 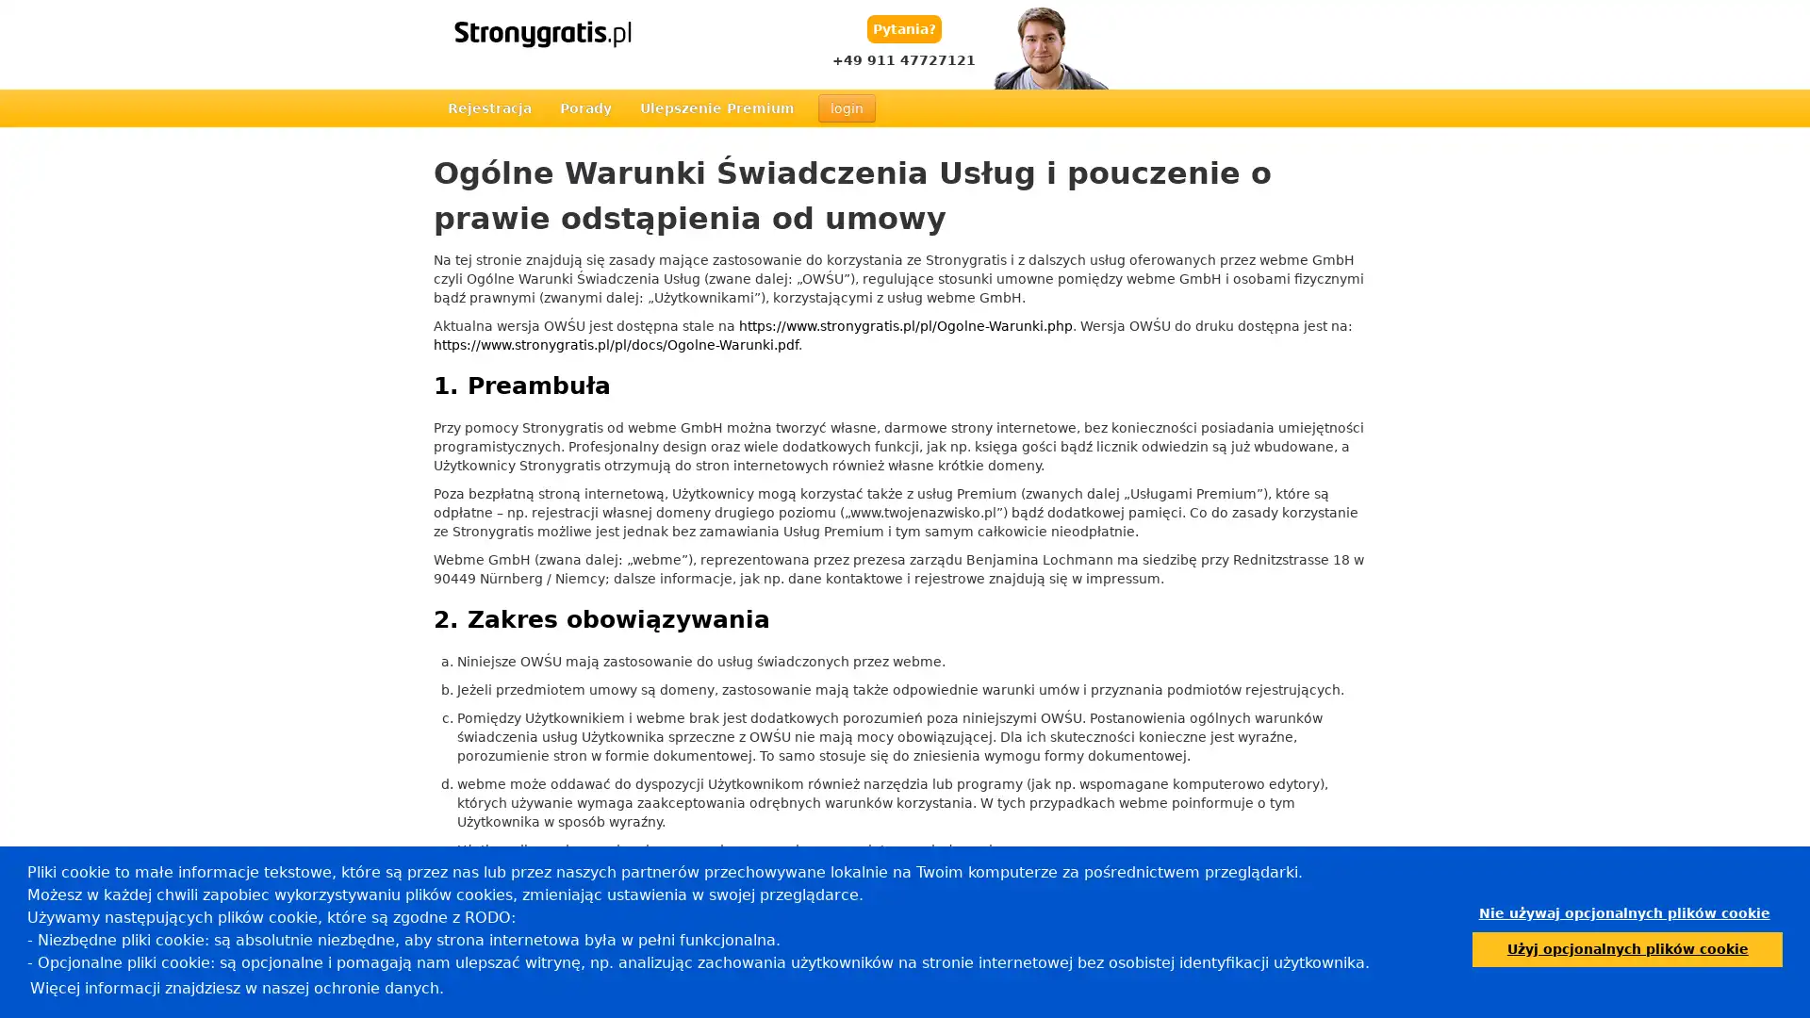 I want to click on allow cookies, so click(x=1626, y=948).